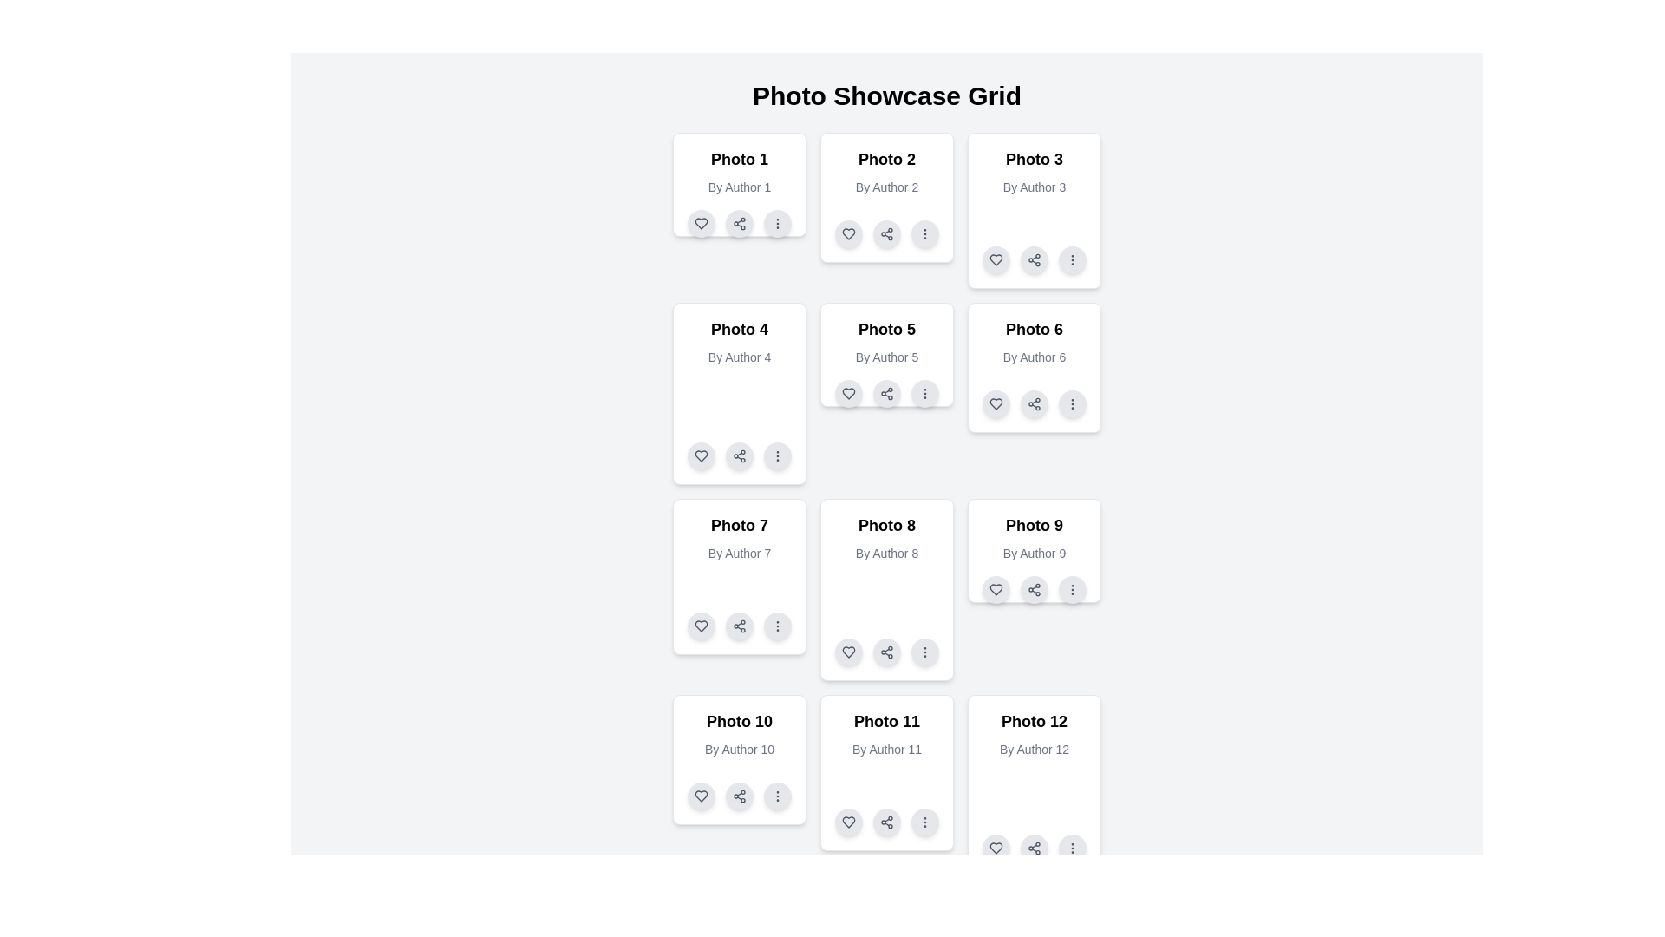 This screenshot has height=937, width=1665. I want to click on the middle circular button with a light gray background and a share symbol icon located at the bottom of the card labeled 'Photo 1, By Author 1', so click(740, 223).